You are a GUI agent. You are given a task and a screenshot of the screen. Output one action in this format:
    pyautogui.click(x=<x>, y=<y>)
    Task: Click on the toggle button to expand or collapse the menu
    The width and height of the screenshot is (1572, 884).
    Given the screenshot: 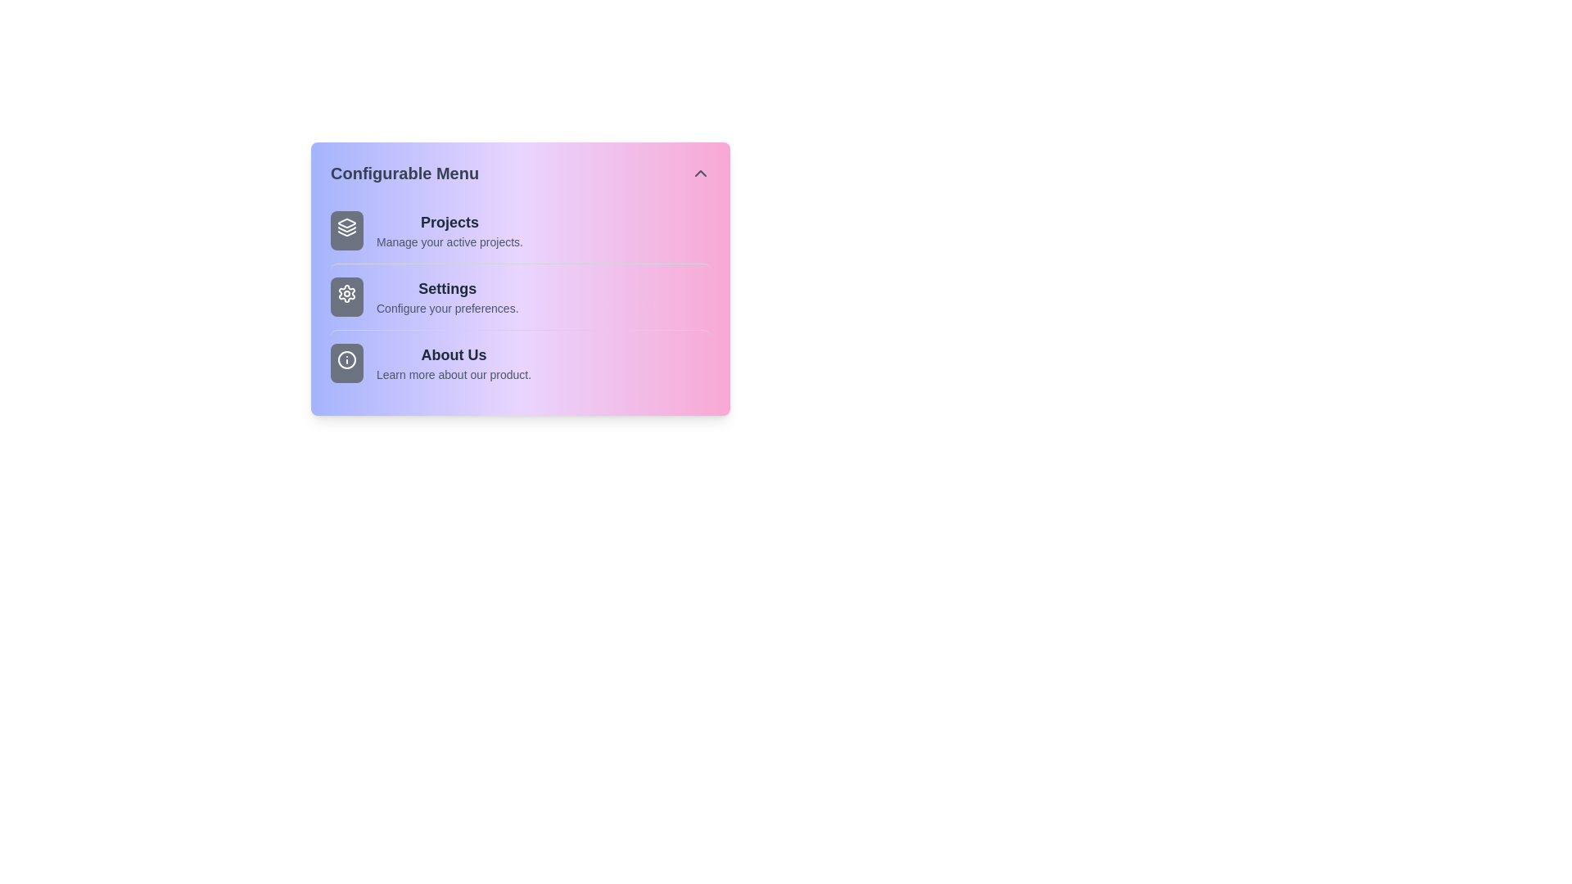 What is the action you would take?
    pyautogui.click(x=700, y=174)
    